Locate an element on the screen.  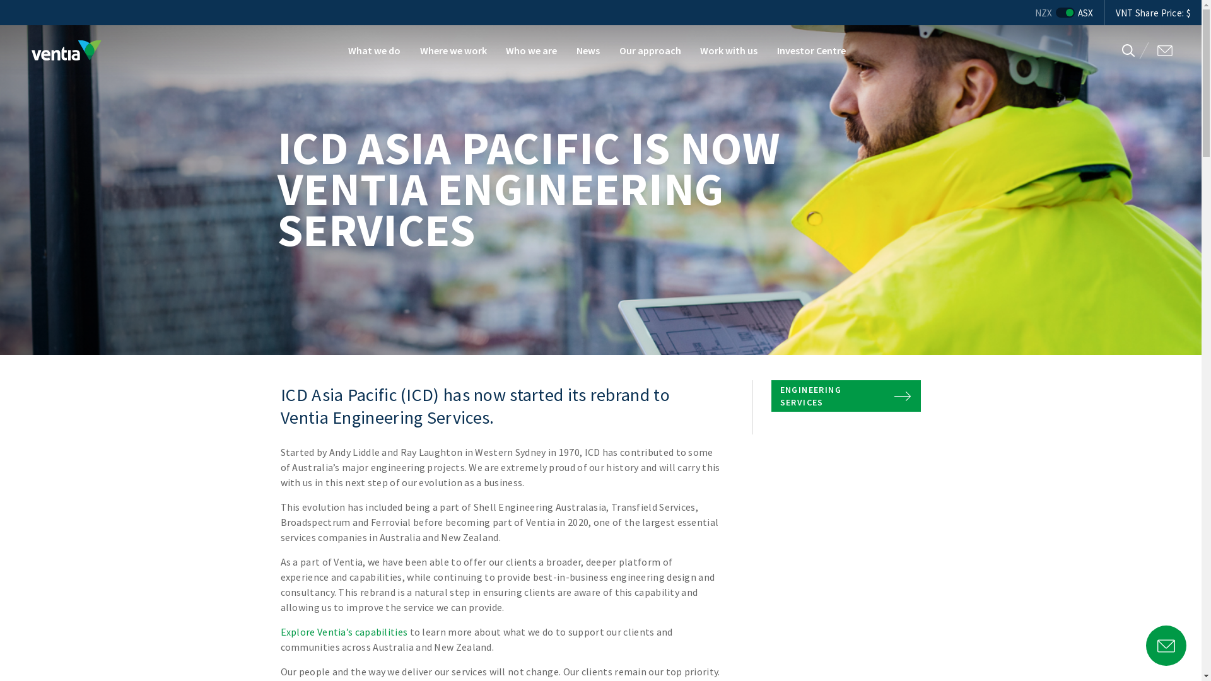
'ENGINEERING SERVICES' is located at coordinates (846, 395).